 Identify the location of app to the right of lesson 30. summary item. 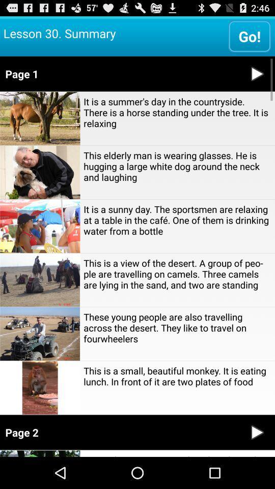
(249, 36).